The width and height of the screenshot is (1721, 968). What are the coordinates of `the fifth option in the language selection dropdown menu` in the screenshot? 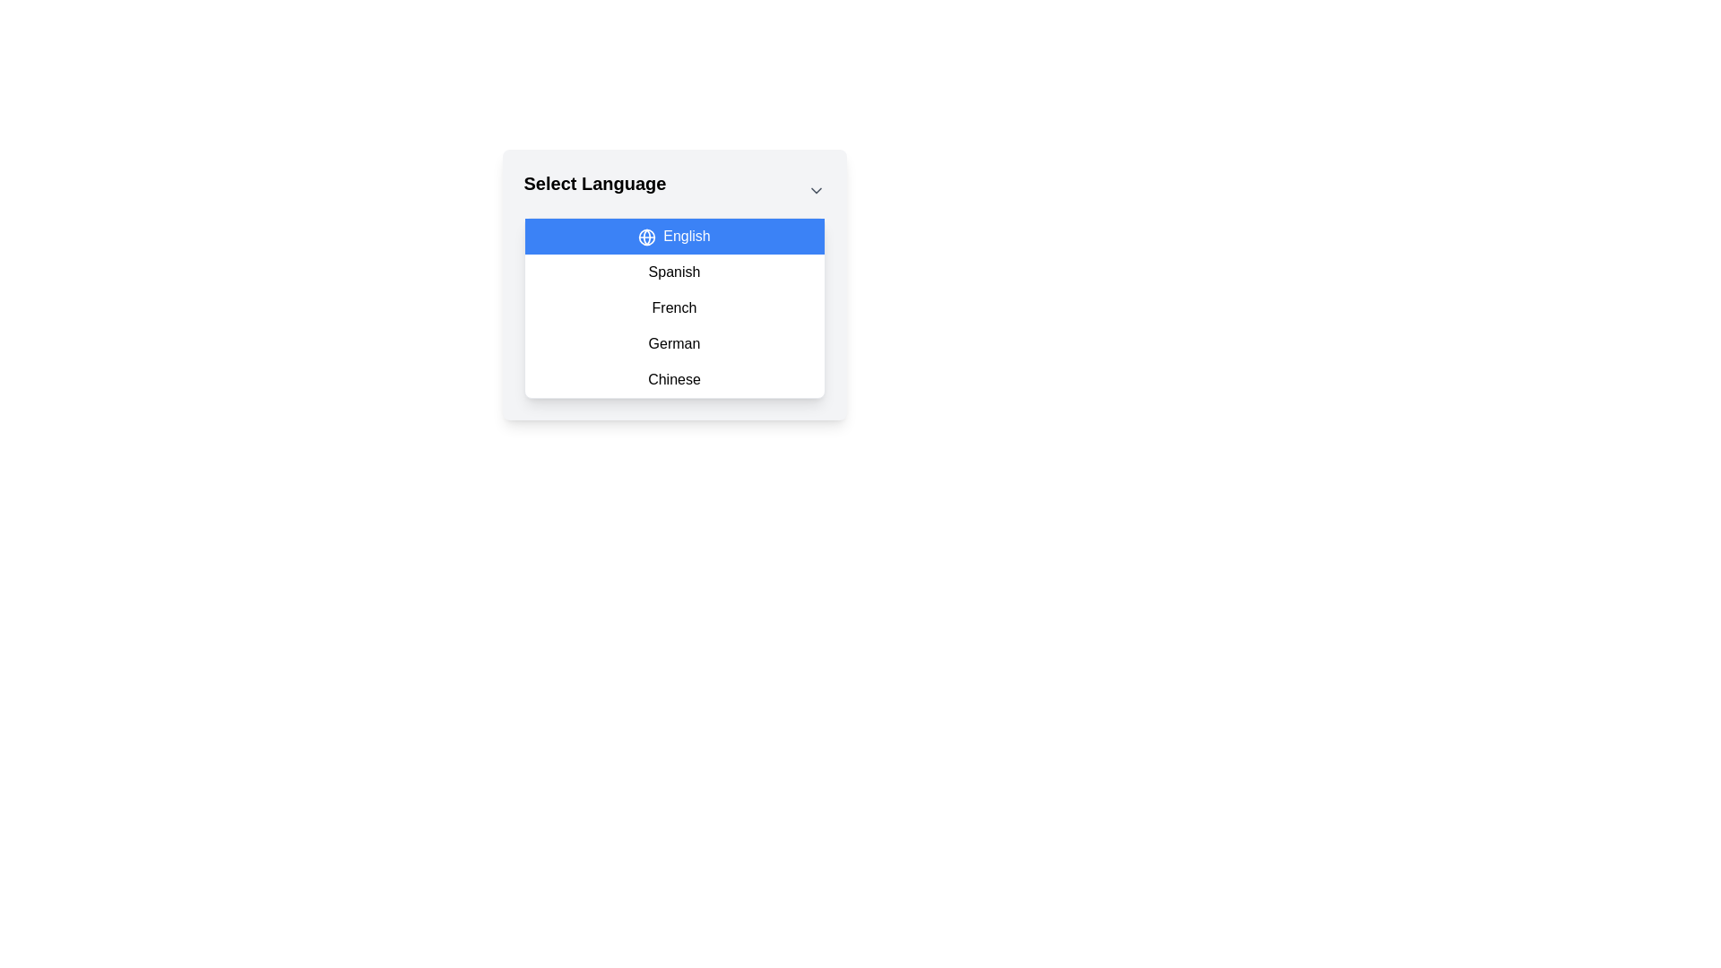 It's located at (673, 379).